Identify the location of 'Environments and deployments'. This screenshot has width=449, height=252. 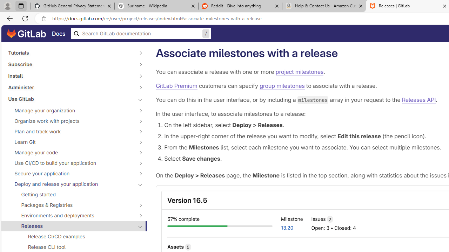
(70, 215).